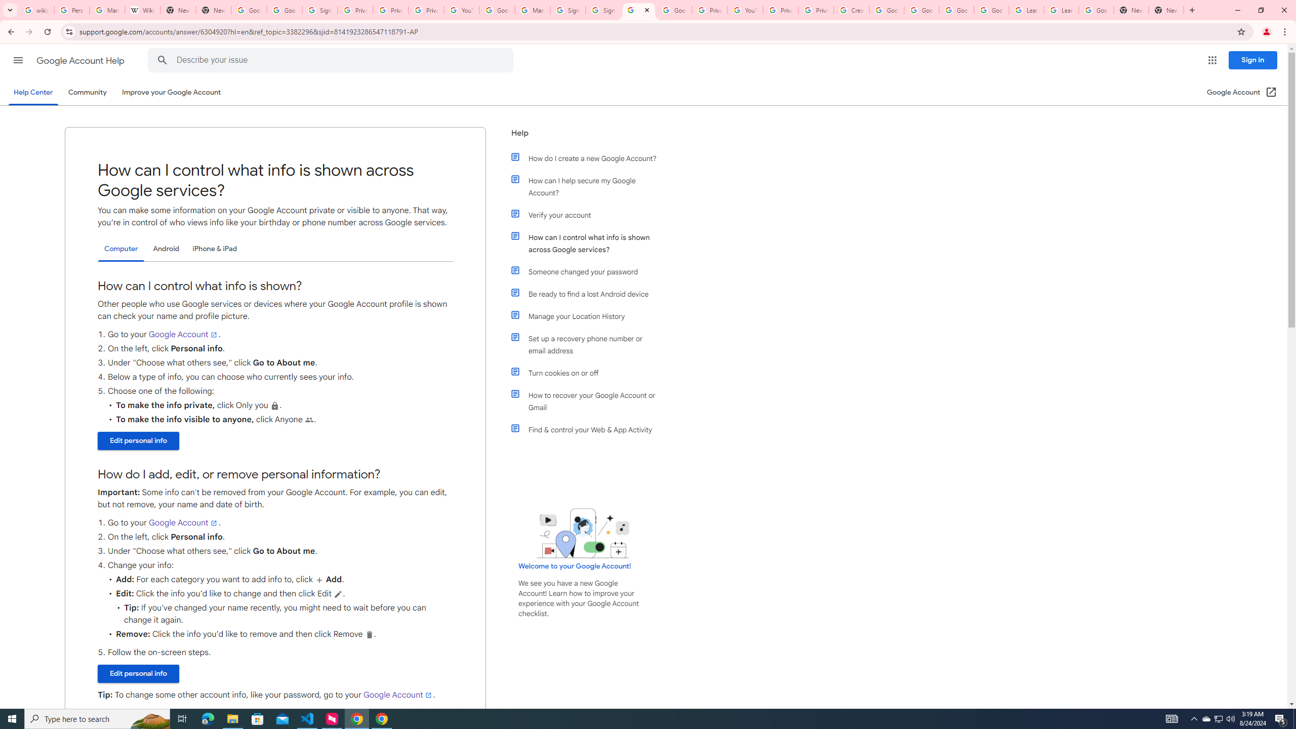 The image size is (1296, 729). I want to click on 'Sign in - Google Accounts', so click(602, 10).